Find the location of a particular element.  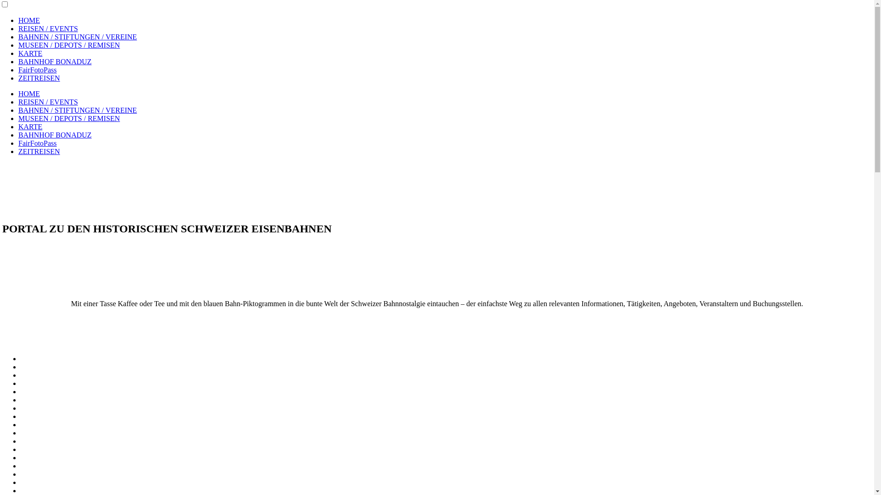

'BAHNEN / STIFTUNGEN / VEREINE' is located at coordinates (77, 36).